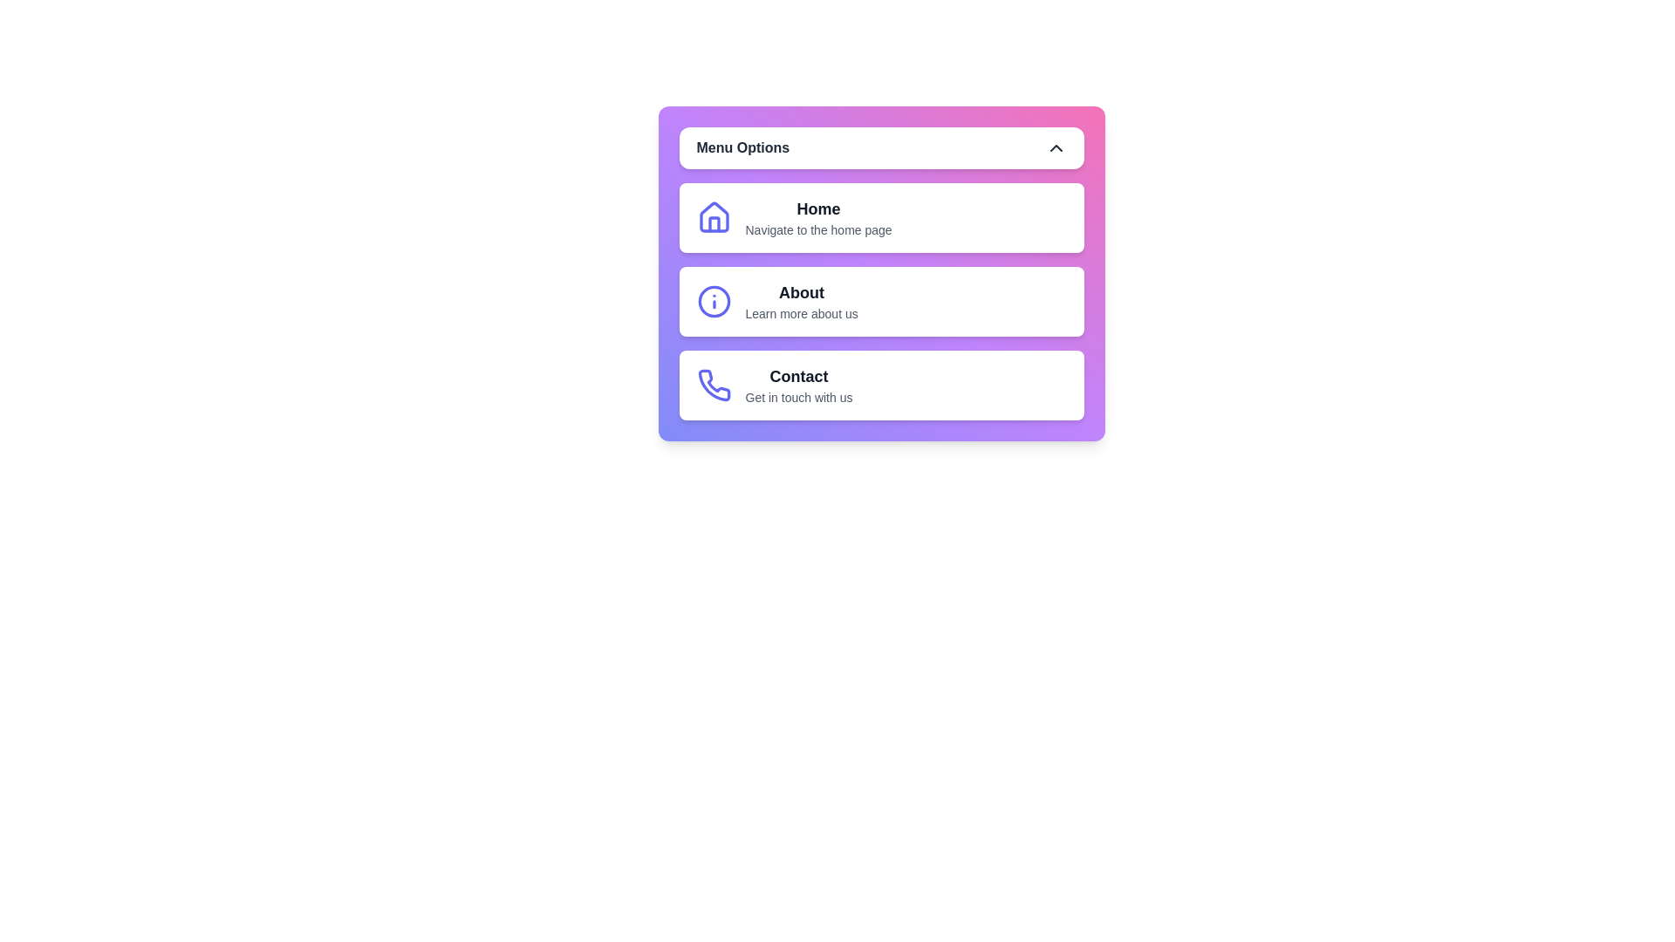  I want to click on the menu item Home to view its hover effect, so click(881, 217).